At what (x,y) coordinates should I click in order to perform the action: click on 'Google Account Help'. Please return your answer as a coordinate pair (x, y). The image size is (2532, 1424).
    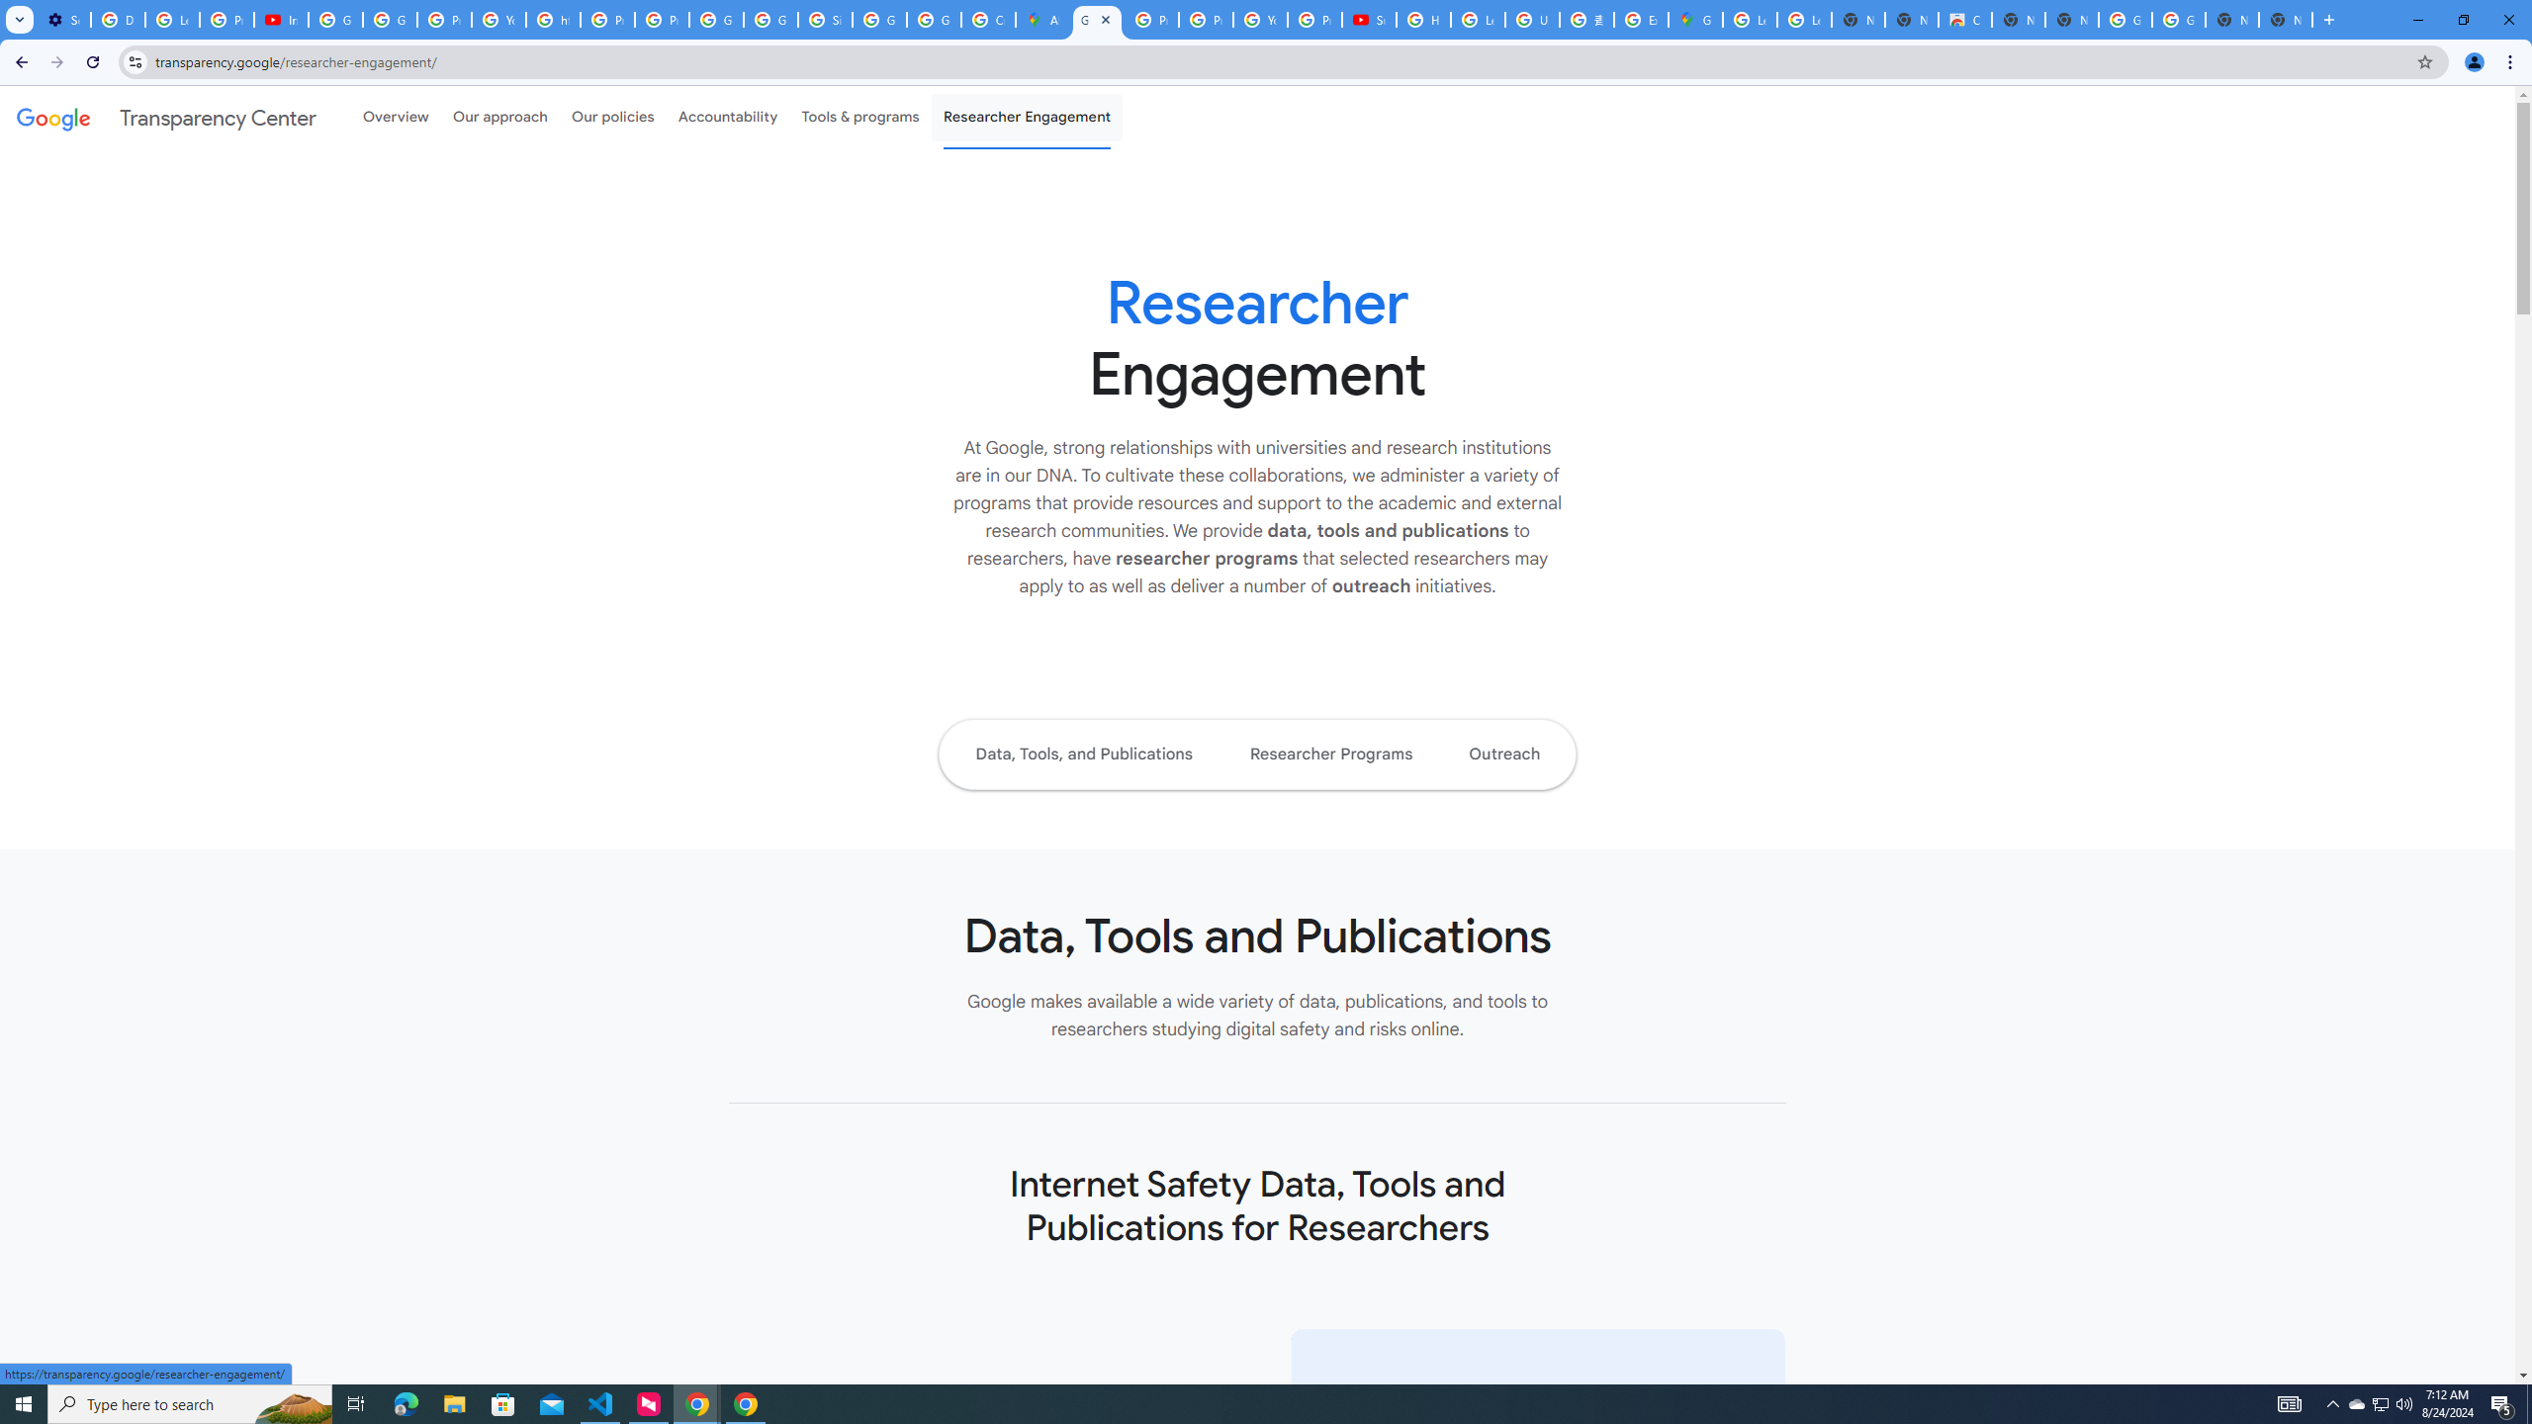
    Looking at the image, I should click on (334, 19).